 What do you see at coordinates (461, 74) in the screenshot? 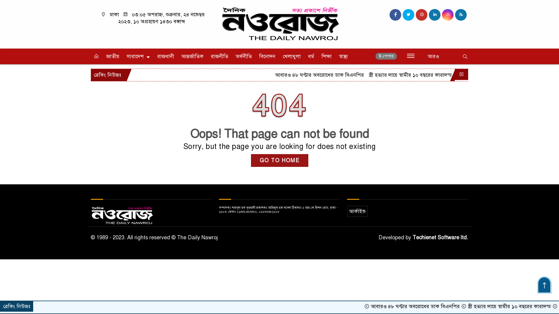
I see `'Click to close'` at bounding box center [461, 74].